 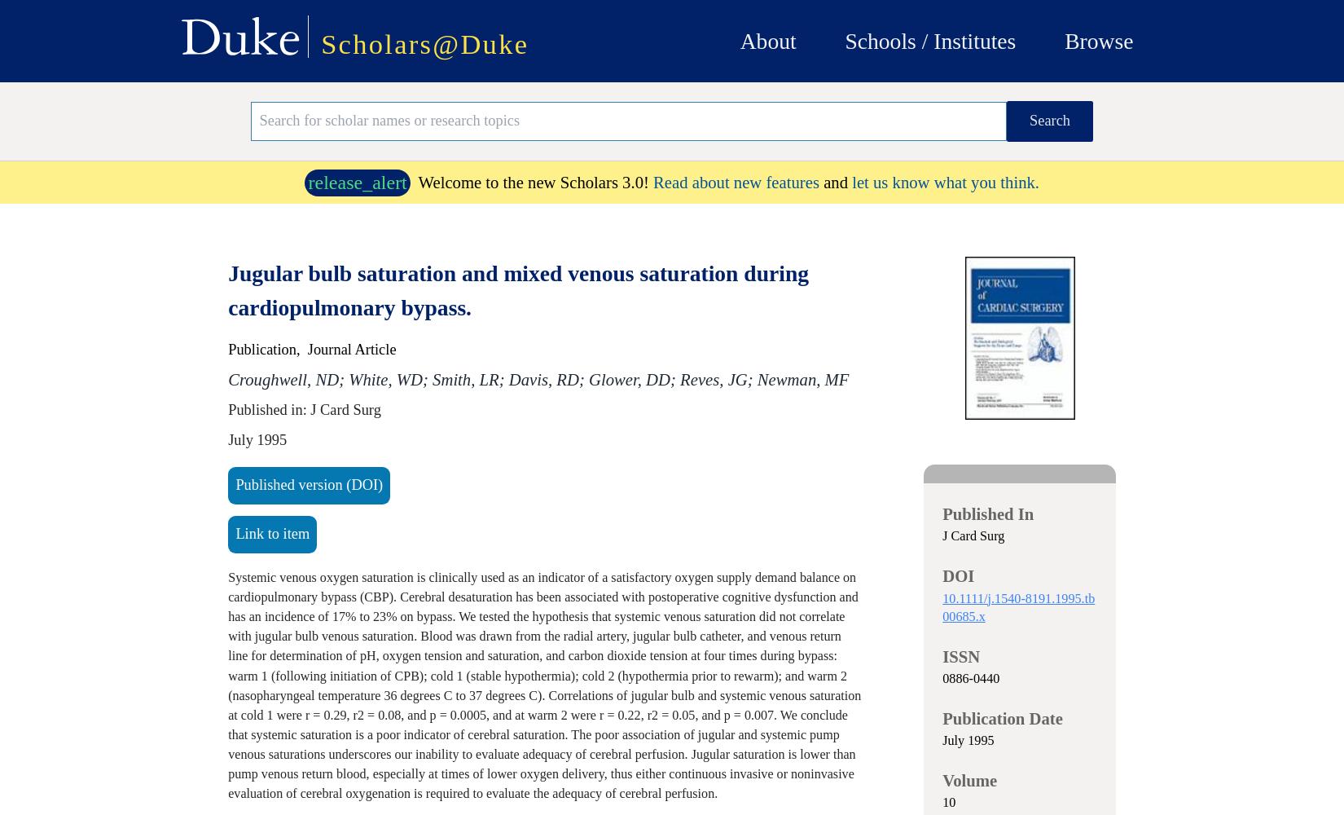 What do you see at coordinates (345, 350) in the screenshot?
I see `',  Journal Article'` at bounding box center [345, 350].